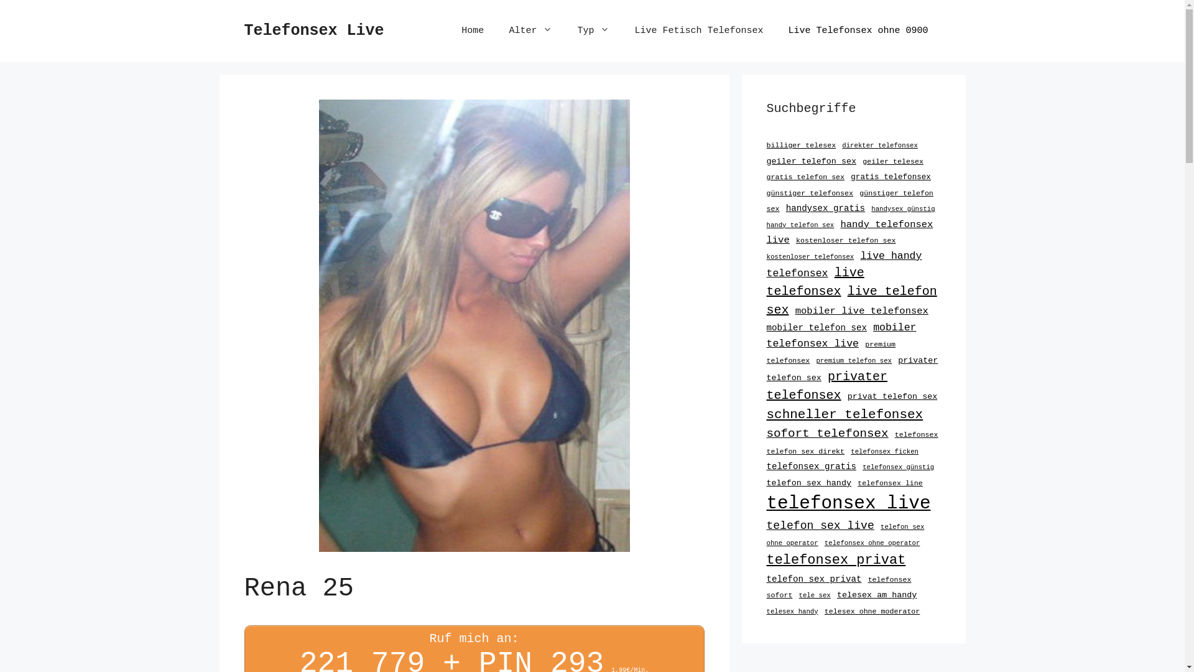 The height and width of the screenshot is (672, 1194). I want to click on 'handysex gratis', so click(825, 208).